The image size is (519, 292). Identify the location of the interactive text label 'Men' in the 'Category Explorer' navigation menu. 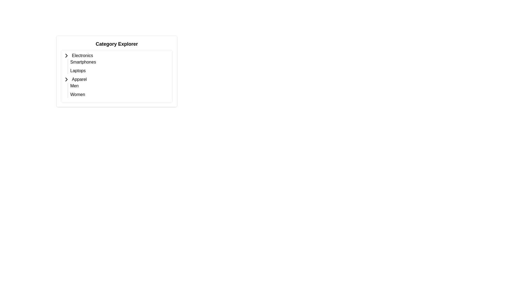
(74, 85).